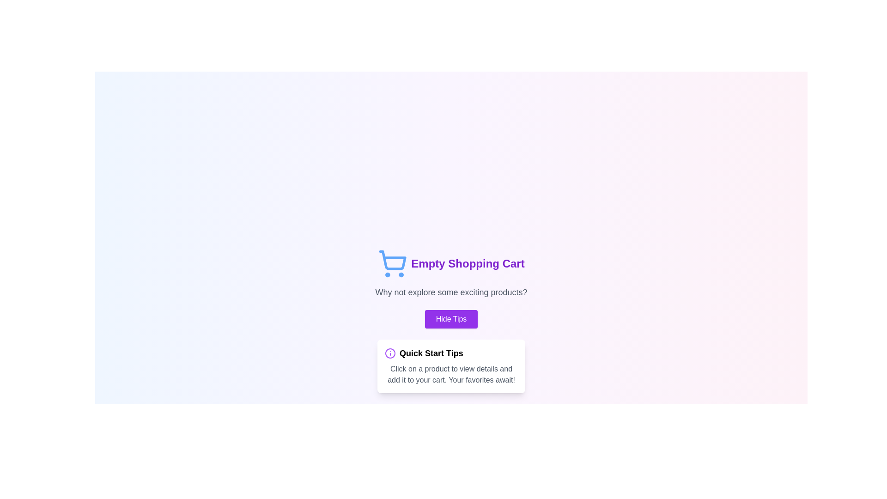 The width and height of the screenshot is (887, 499). What do you see at coordinates (390, 353) in the screenshot?
I see `the circular SVG graphic with a solid outline and light-purple fill, which is the largest circle in the information icon located in the 'Quick Start Tips' section` at bounding box center [390, 353].